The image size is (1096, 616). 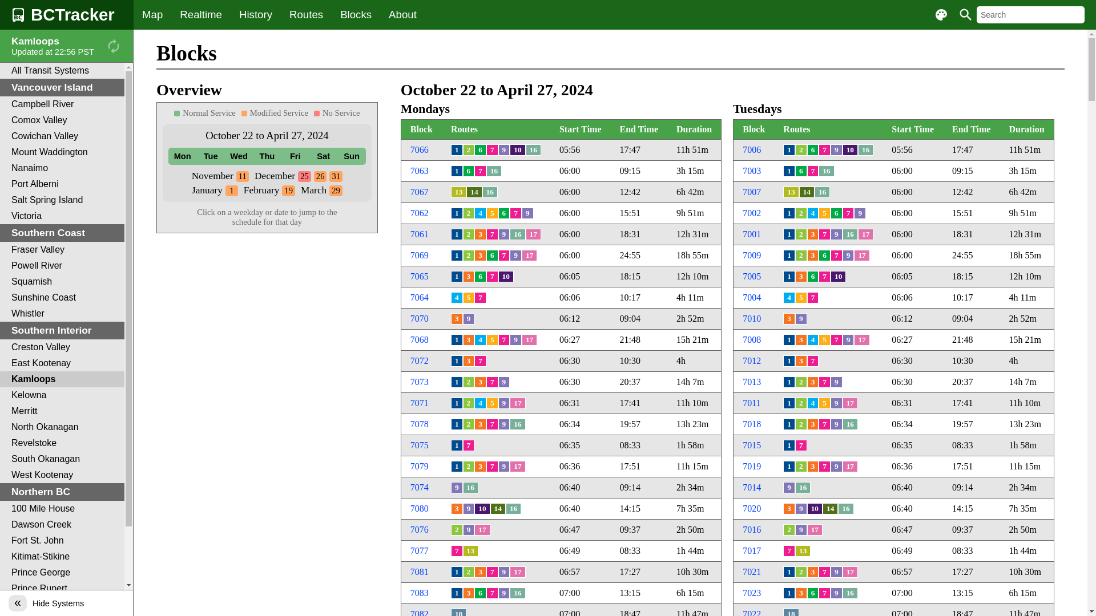 What do you see at coordinates (836, 149) in the screenshot?
I see `'9'` at bounding box center [836, 149].